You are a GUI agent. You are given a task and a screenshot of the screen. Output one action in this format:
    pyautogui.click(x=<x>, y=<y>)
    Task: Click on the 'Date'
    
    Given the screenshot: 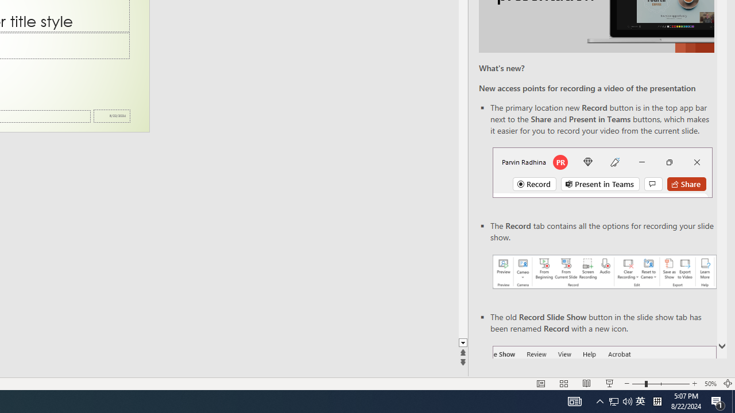 What is the action you would take?
    pyautogui.click(x=111, y=116)
    